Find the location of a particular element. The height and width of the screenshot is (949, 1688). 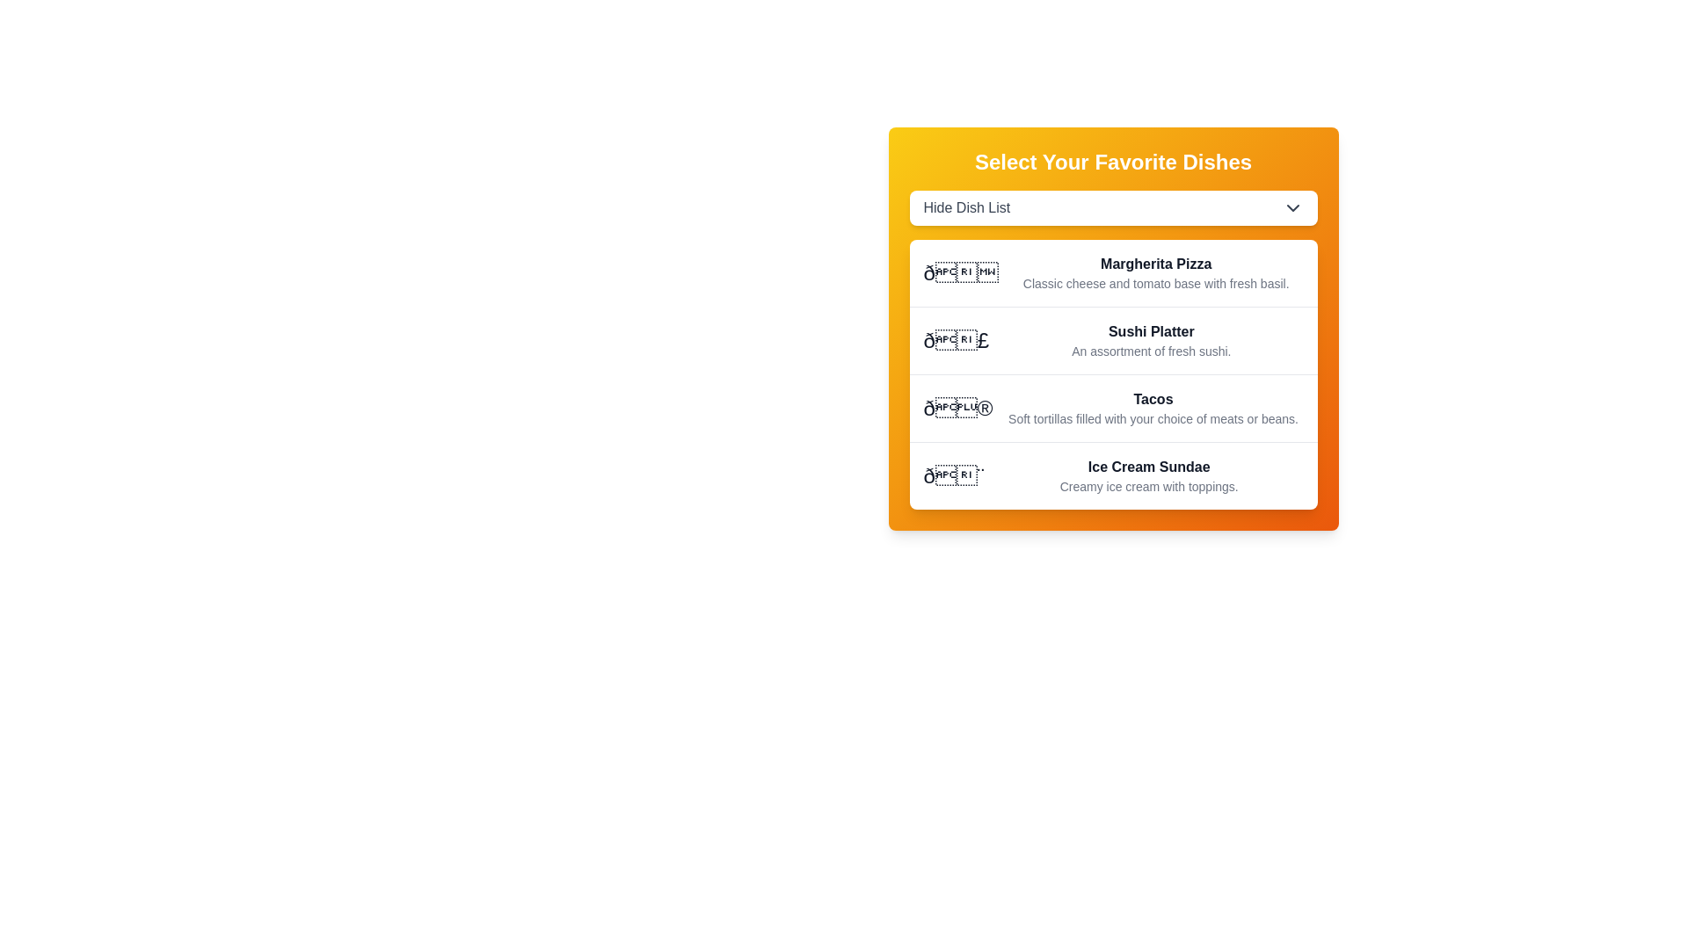

the Emoji or Icon representing the Margherita Pizza dish, located immediately to the left of the text 'Margherita Pizza' in the topmost item panel of the vertical list is located at coordinates (960, 273).